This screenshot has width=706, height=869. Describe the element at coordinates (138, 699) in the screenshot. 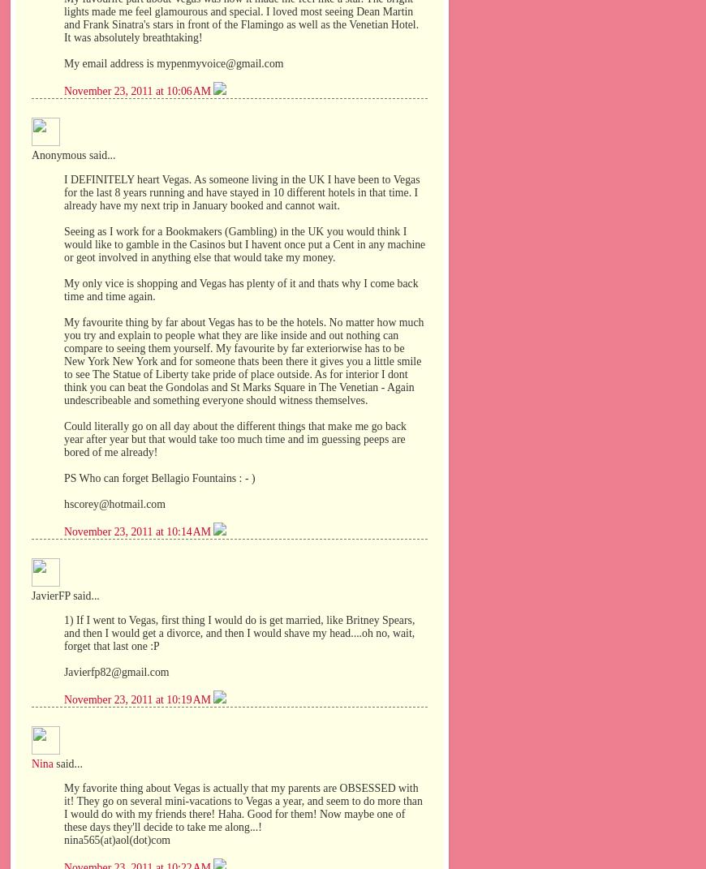

I see `'November 23, 2011 at 10:19 AM'` at that location.